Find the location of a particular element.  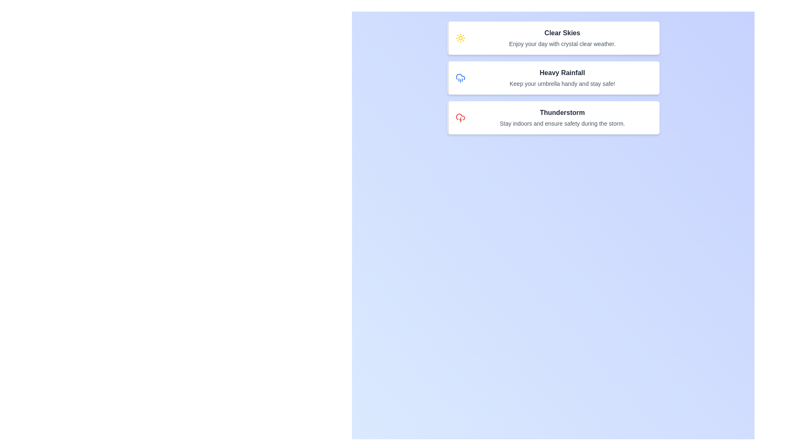

the icon corresponding to Thunderstorm is located at coordinates (460, 118).